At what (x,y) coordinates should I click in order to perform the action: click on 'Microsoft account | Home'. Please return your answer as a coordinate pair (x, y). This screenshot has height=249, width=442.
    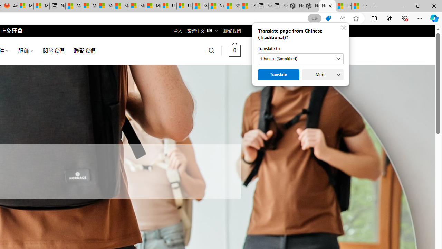
    Looking at the image, I should click on (105, 6).